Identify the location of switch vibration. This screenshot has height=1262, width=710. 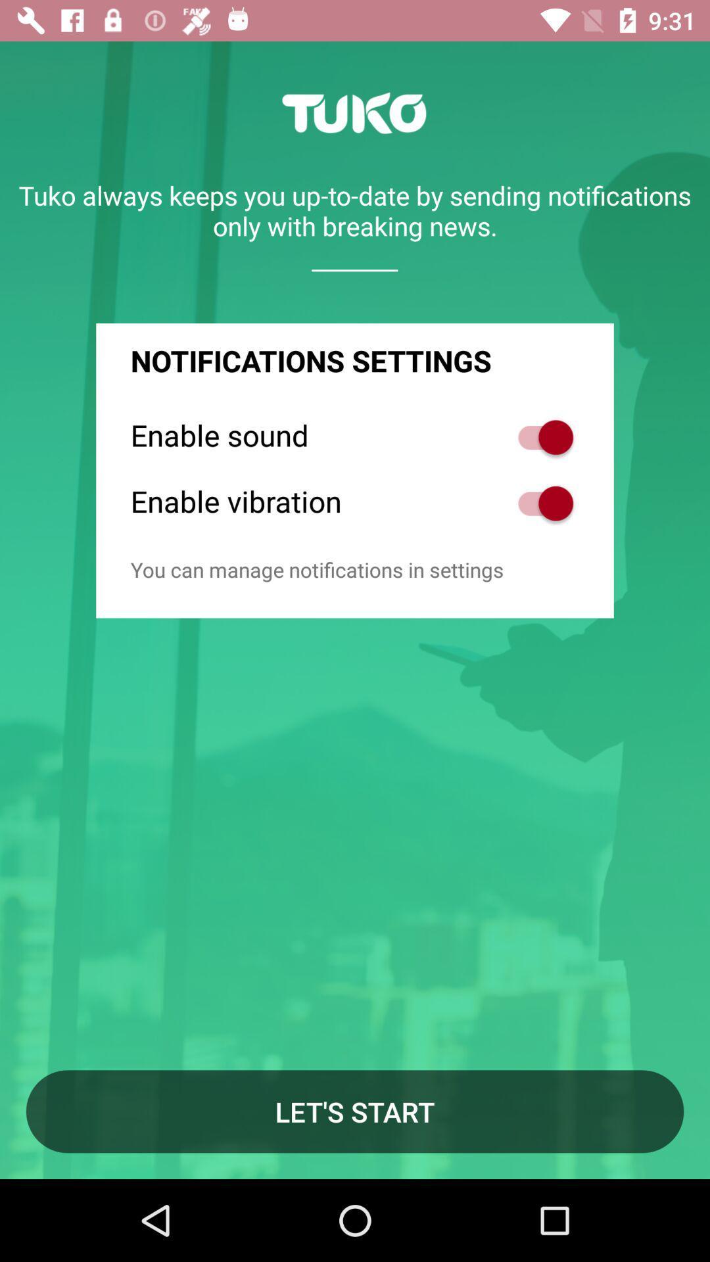
(538, 503).